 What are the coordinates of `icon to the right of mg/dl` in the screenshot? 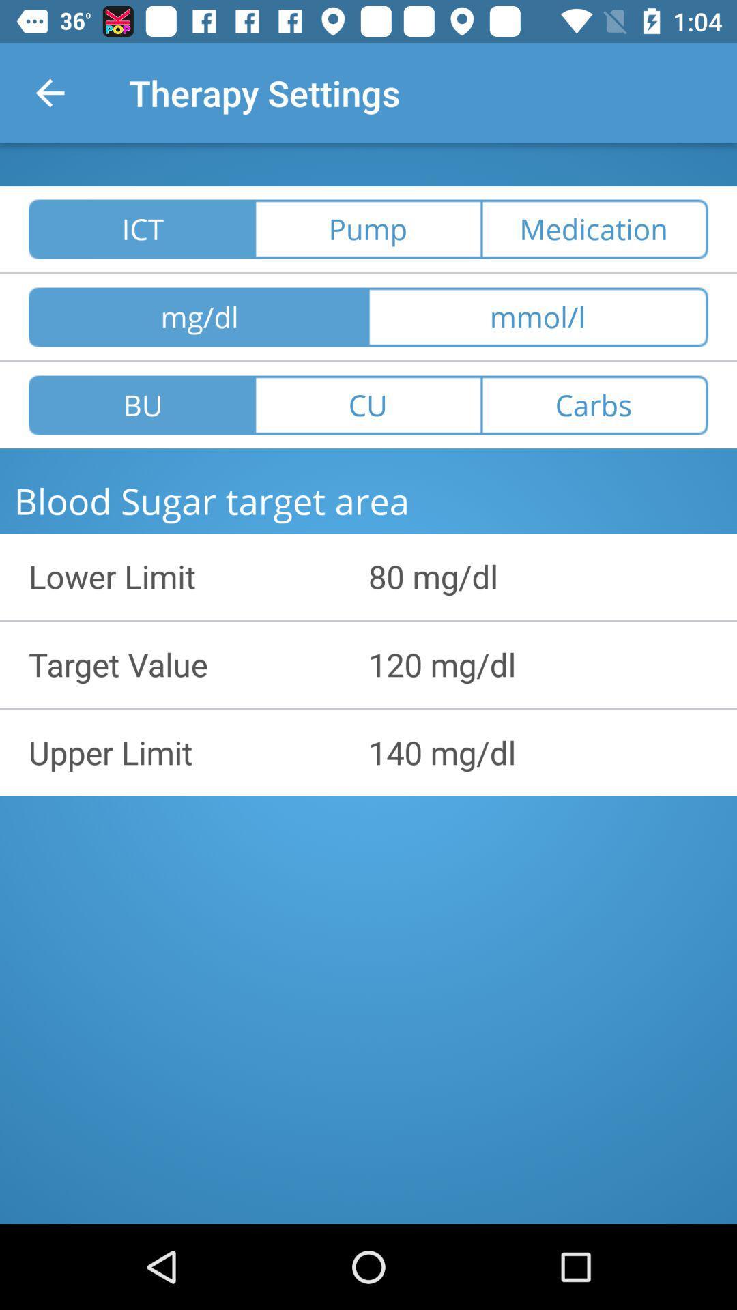 It's located at (538, 317).